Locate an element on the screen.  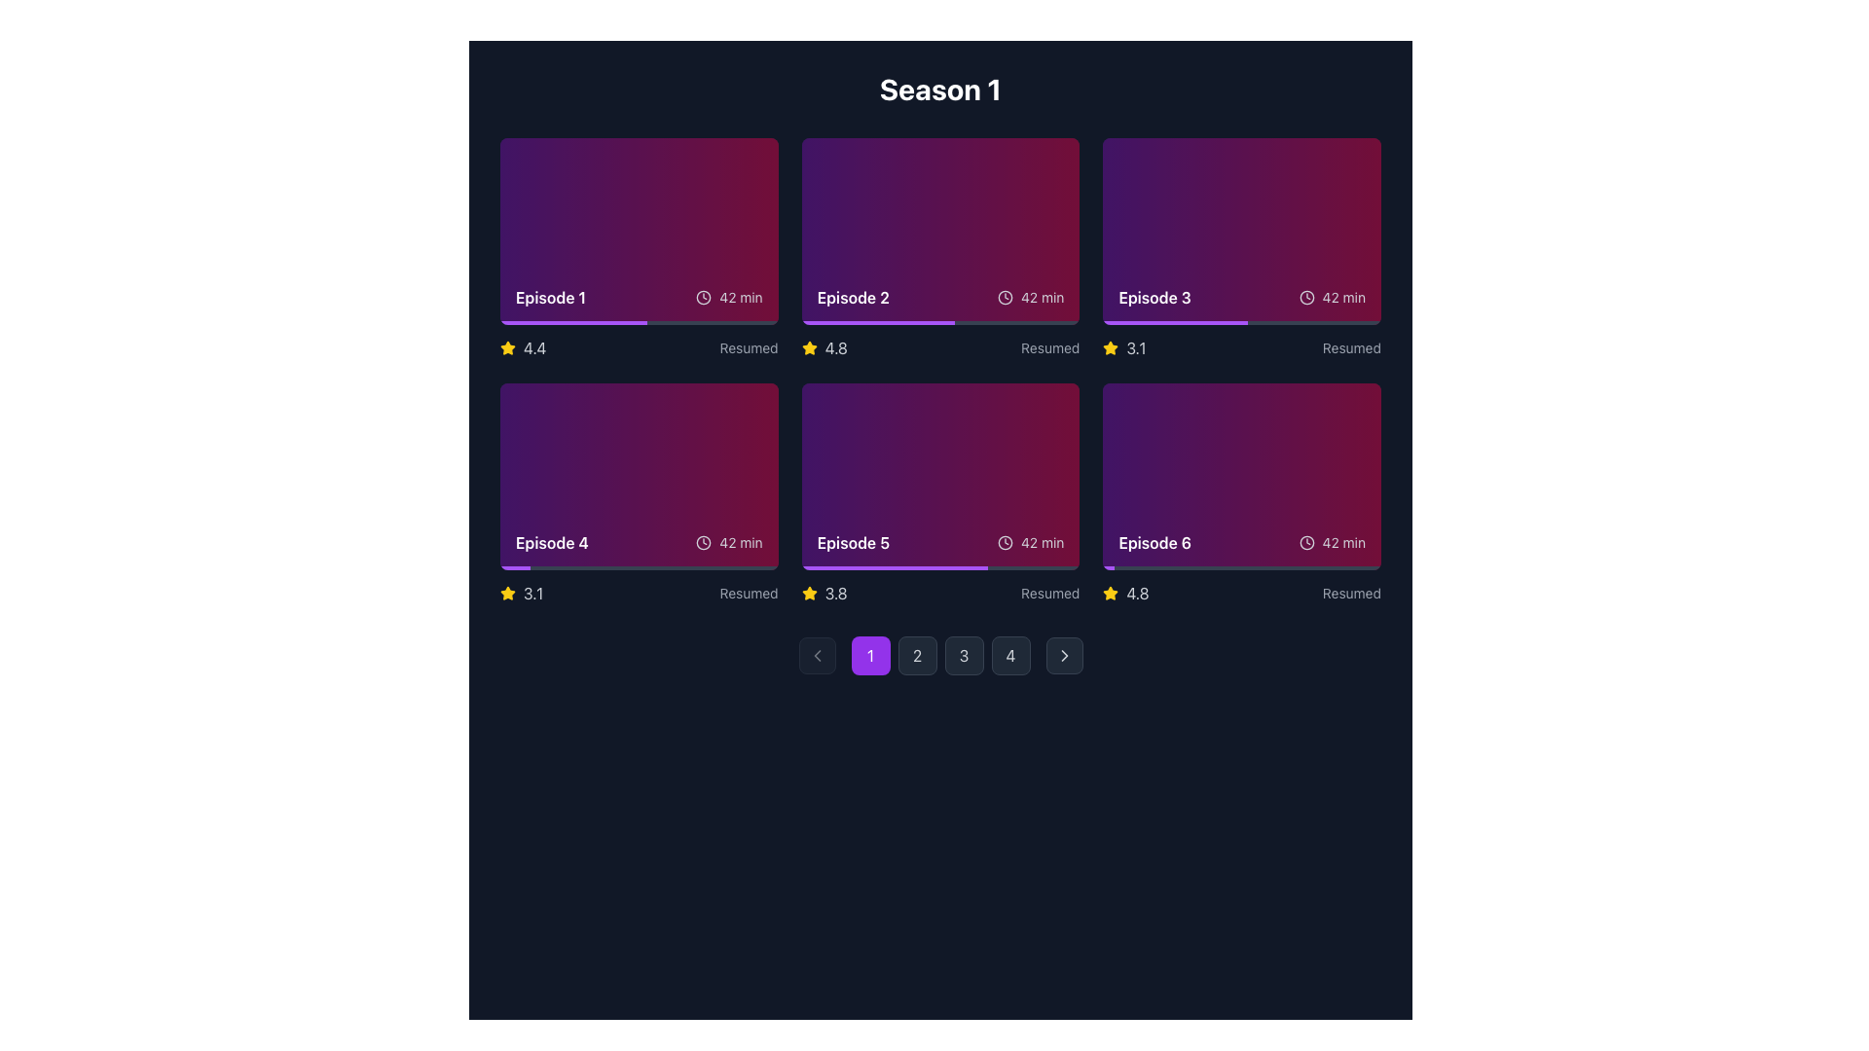
the filled yellow star icon representing the rating for Episode 6, located to the left of the numeric rating text ('4.8') in the episode grid is located at coordinates (1111, 592).